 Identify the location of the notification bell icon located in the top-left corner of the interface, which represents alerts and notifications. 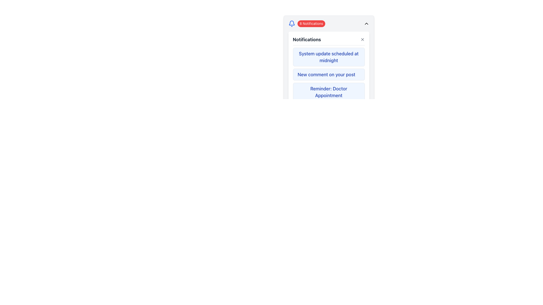
(292, 23).